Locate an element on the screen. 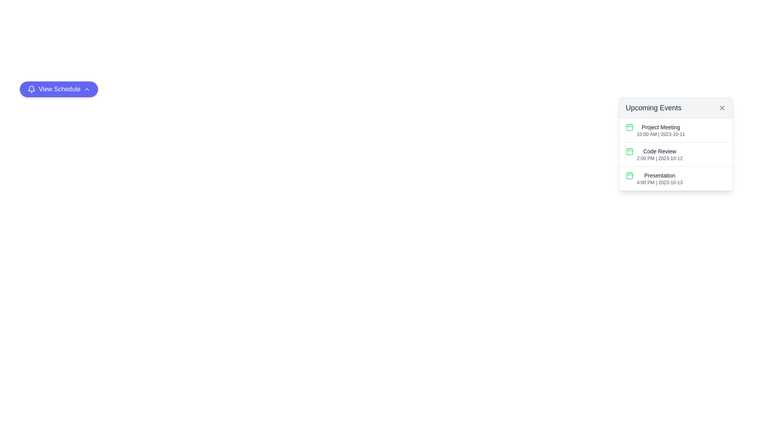  text snippet displaying the time and date '2:00 PM | 2023-10-12' located beneath the 'Code Review' title in the Upcoming Events panel is located at coordinates (659, 159).